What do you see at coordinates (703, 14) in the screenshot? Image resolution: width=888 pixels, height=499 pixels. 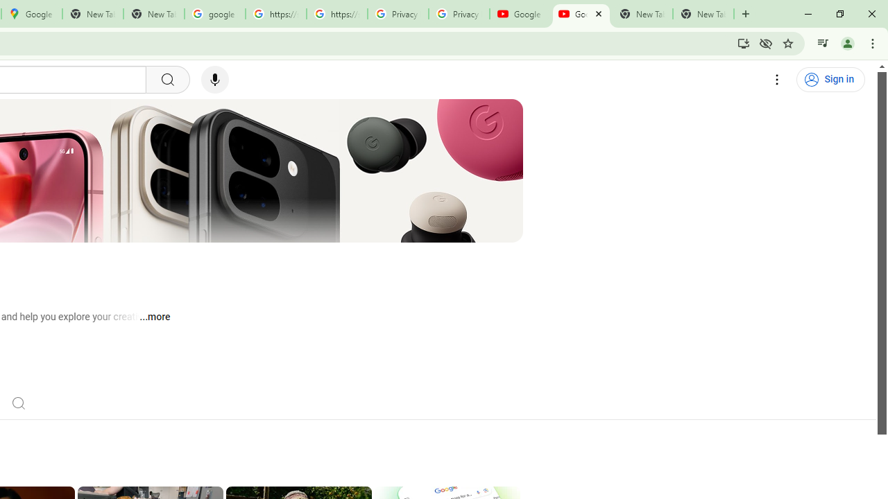 I see `'New Tab'` at bounding box center [703, 14].